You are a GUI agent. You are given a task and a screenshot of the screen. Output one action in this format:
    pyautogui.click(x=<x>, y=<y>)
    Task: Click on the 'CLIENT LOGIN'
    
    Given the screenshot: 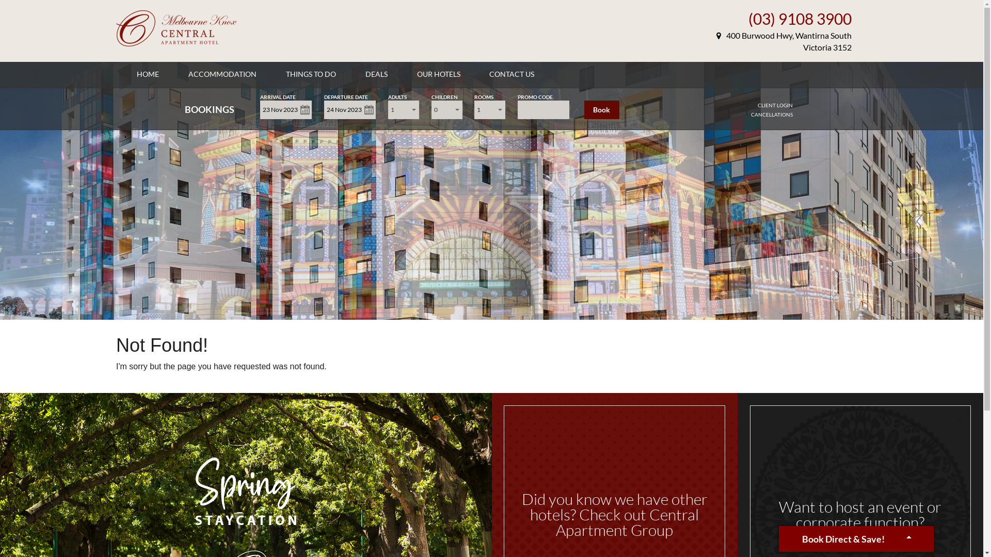 What is the action you would take?
    pyautogui.click(x=775, y=105)
    